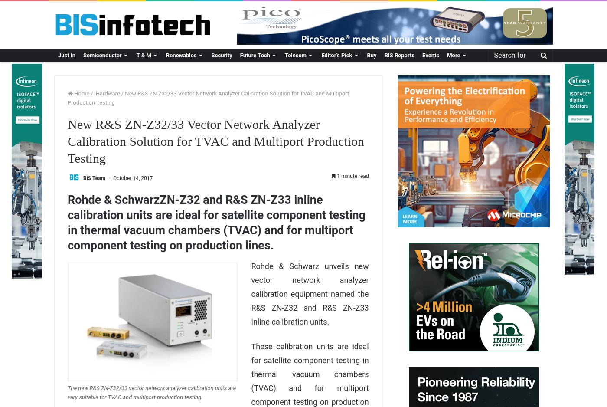 This screenshot has width=607, height=407. I want to click on '1 minute read', so click(352, 176).